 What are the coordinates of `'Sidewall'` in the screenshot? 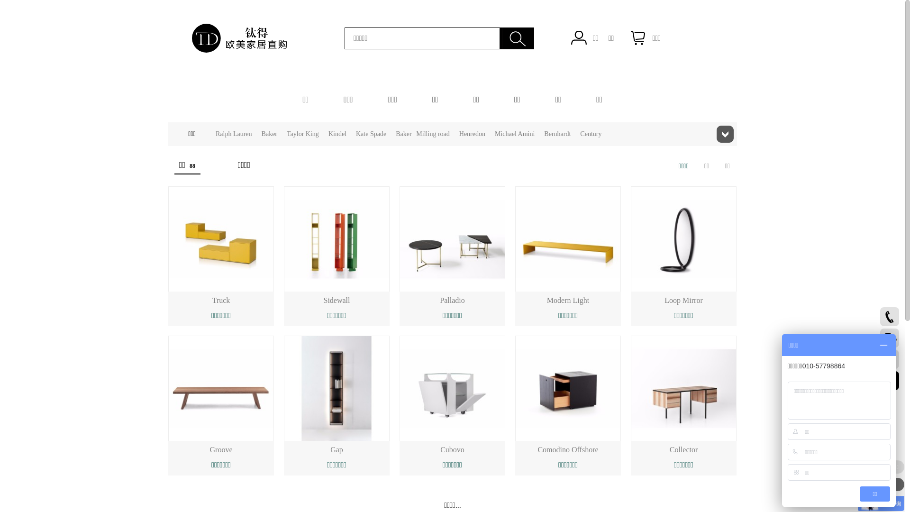 It's located at (337, 300).